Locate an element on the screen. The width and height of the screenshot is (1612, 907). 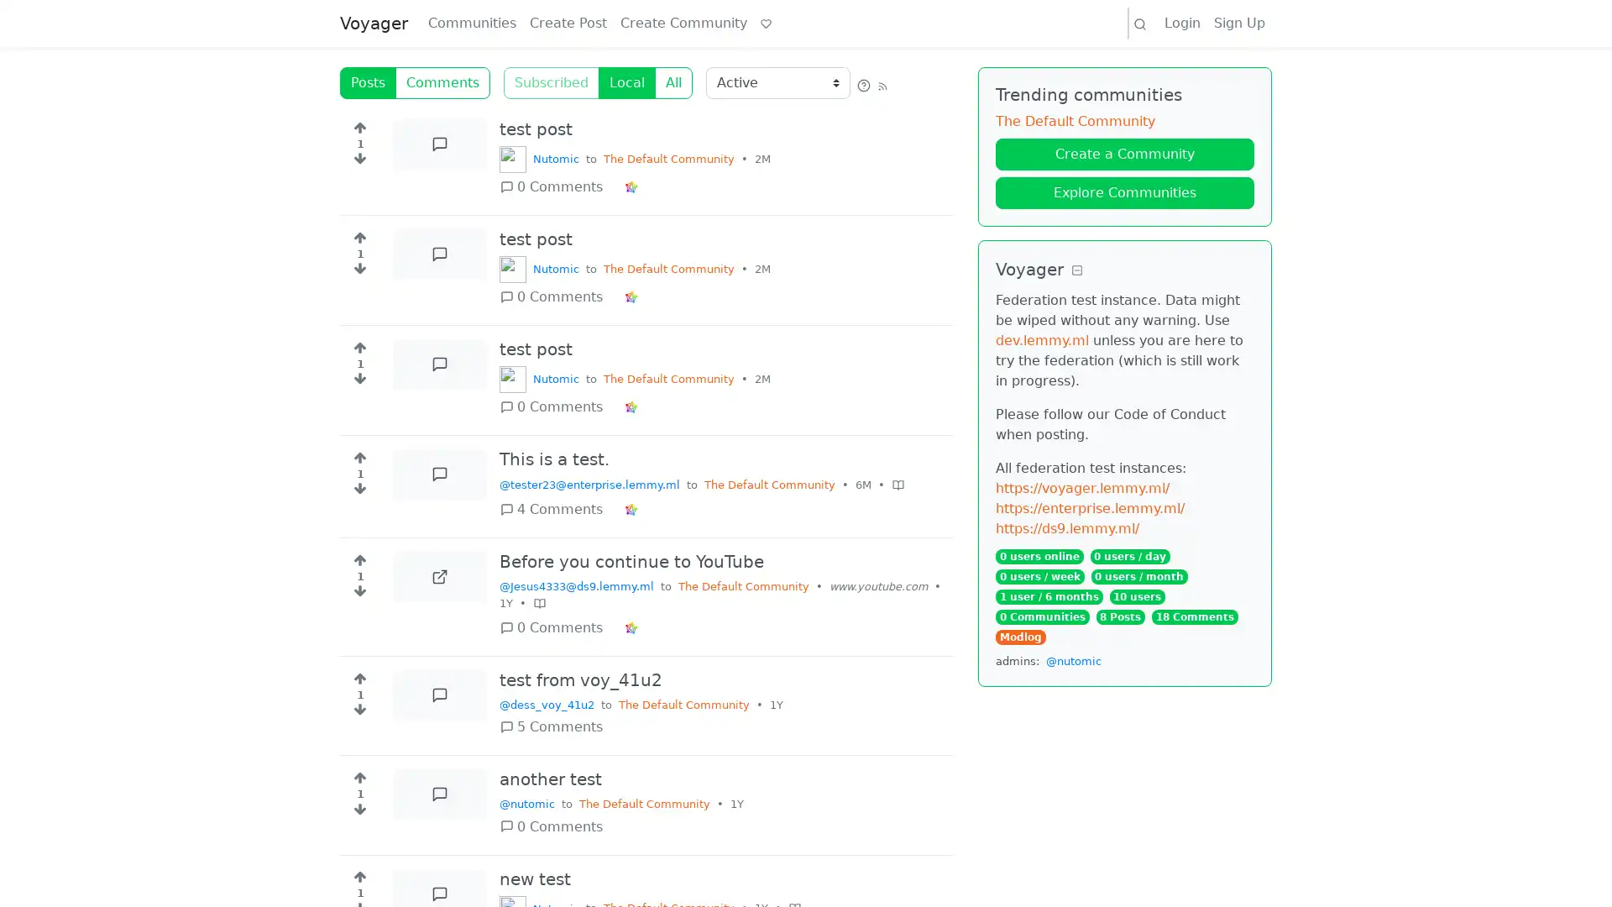
Upvote is located at coordinates (359, 343).